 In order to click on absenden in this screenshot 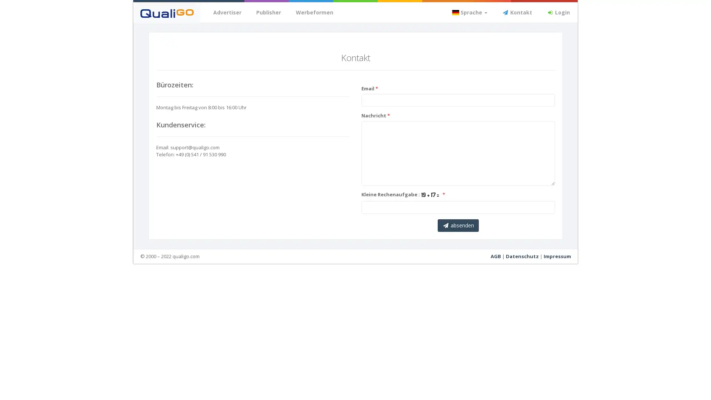, I will do `click(457, 225)`.